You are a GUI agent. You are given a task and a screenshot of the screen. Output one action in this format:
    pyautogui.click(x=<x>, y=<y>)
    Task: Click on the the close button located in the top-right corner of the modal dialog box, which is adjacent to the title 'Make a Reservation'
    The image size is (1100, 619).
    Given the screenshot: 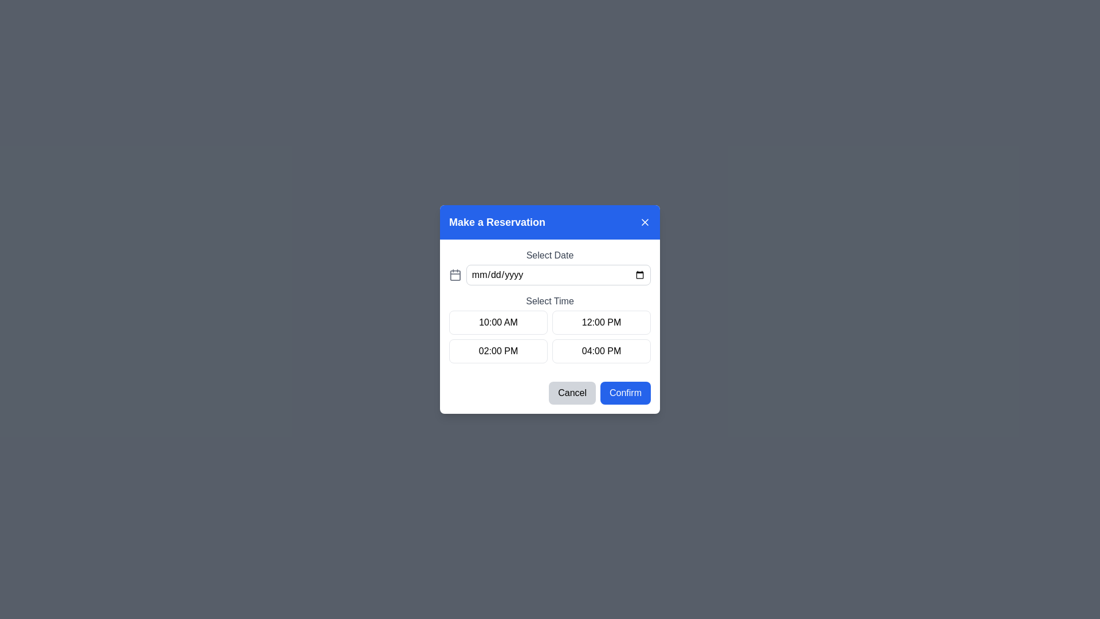 What is the action you would take?
    pyautogui.click(x=645, y=222)
    